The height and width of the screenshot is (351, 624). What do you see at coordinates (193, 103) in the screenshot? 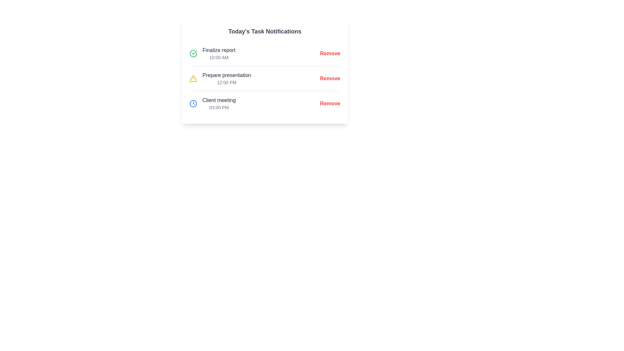
I see `the clock icon with a circular outline and clock hands, rendered in blue, located to the left of the entry labeled 'Client meeting' at 03:00 PM, as an indicator` at bounding box center [193, 103].